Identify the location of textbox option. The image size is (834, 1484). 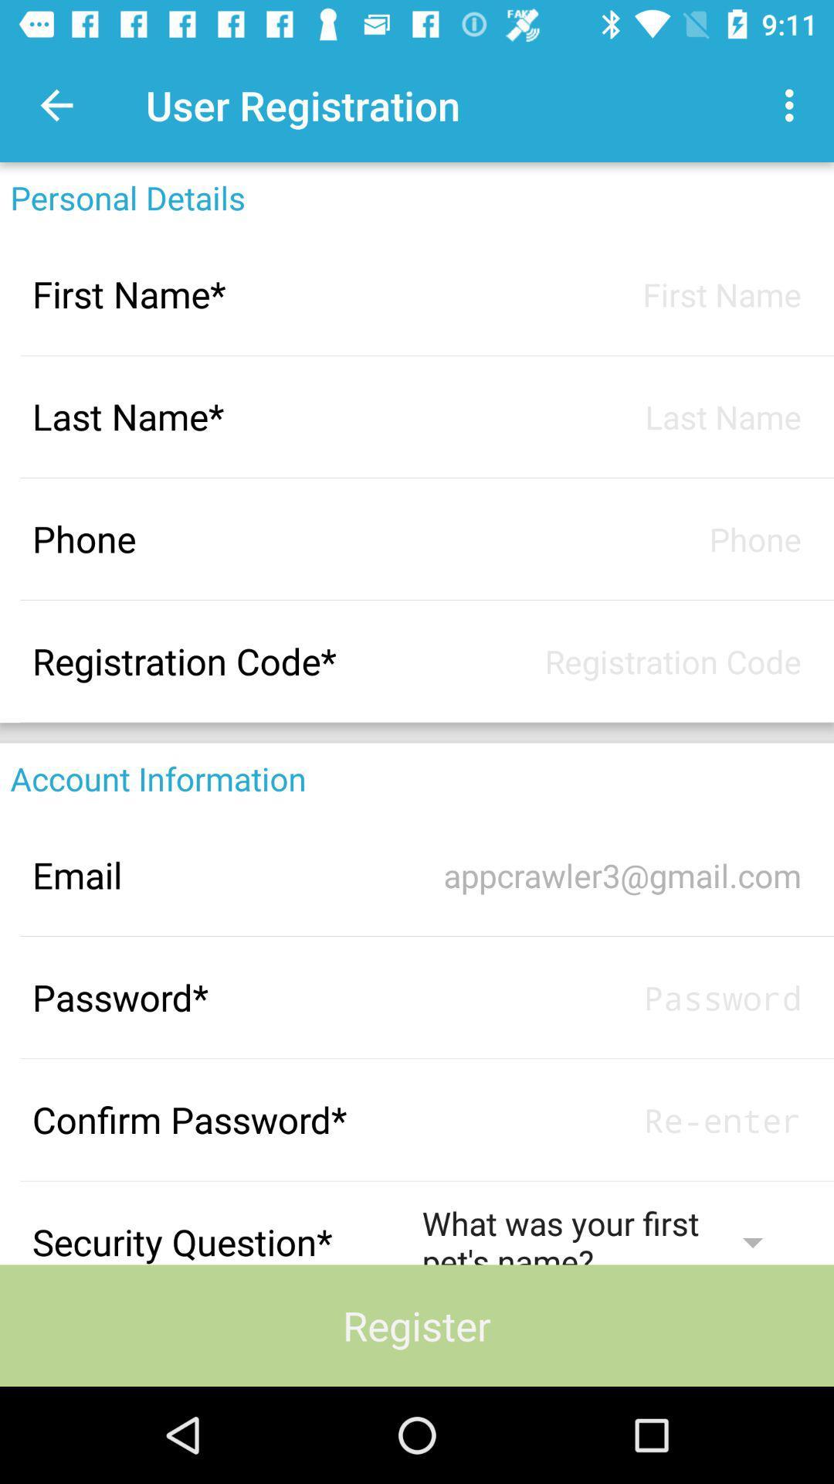
(611, 294).